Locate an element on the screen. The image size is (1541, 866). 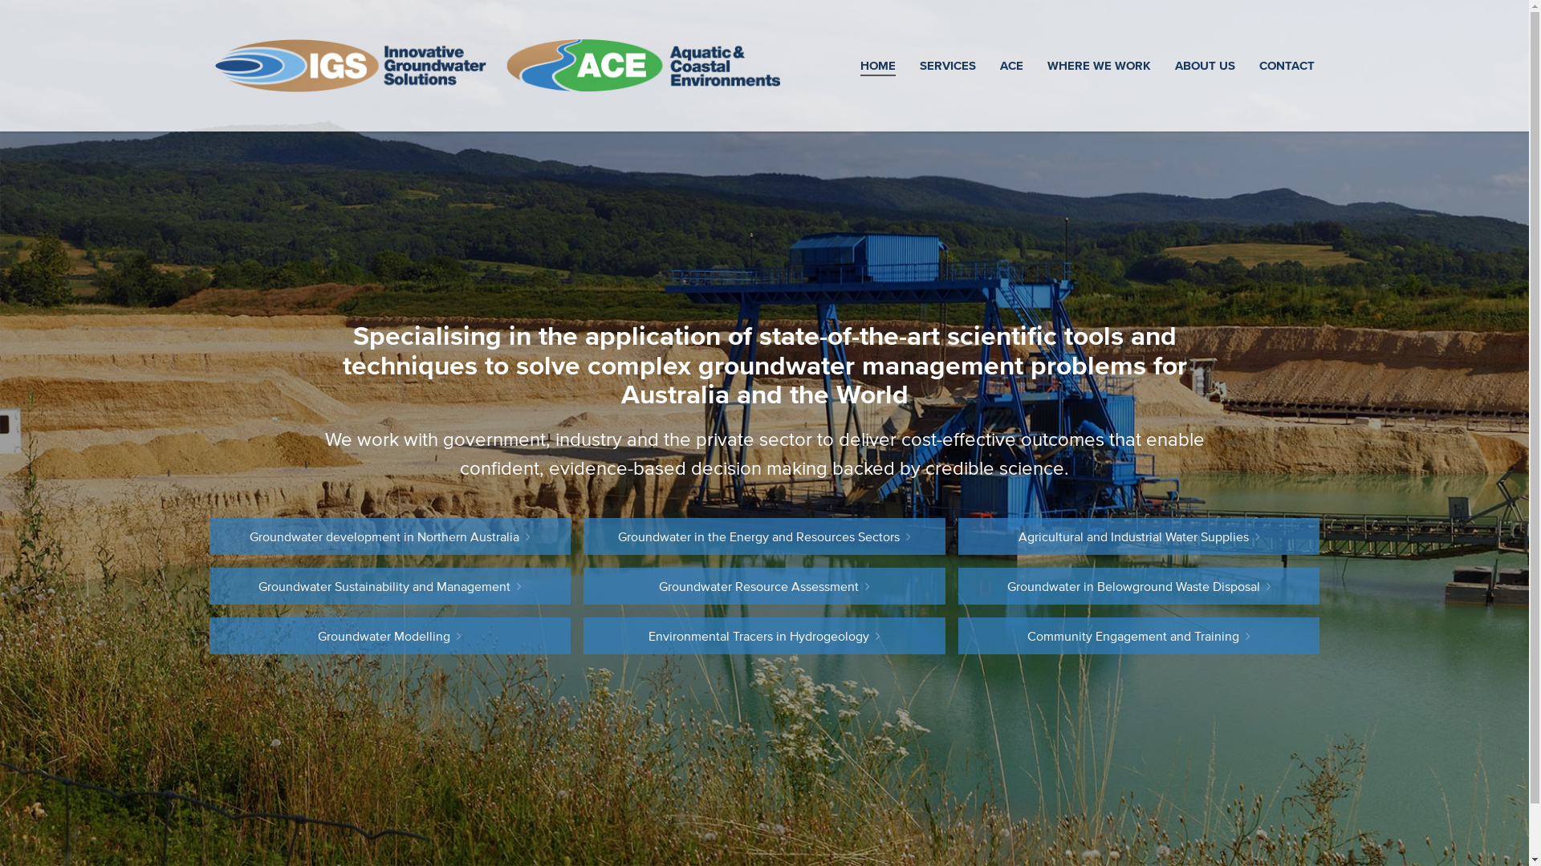
'SERVICES' is located at coordinates (947, 64).